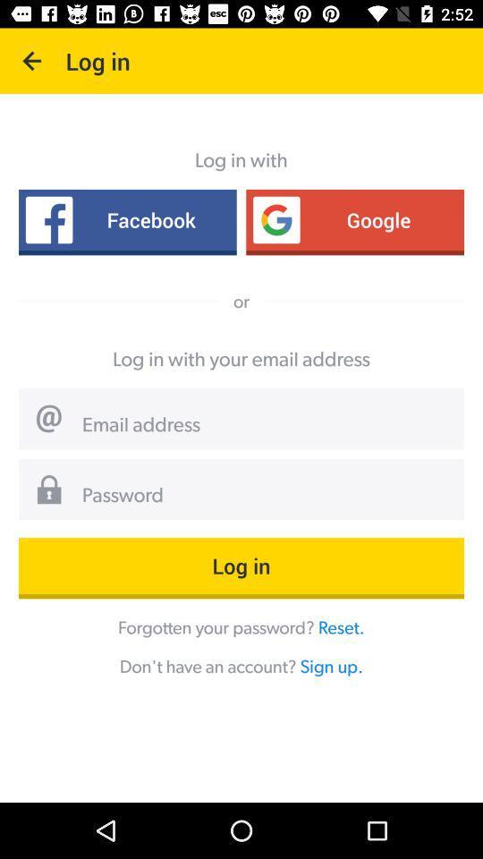  Describe the element at coordinates (330, 665) in the screenshot. I see `the icon to the right of don t have item` at that location.